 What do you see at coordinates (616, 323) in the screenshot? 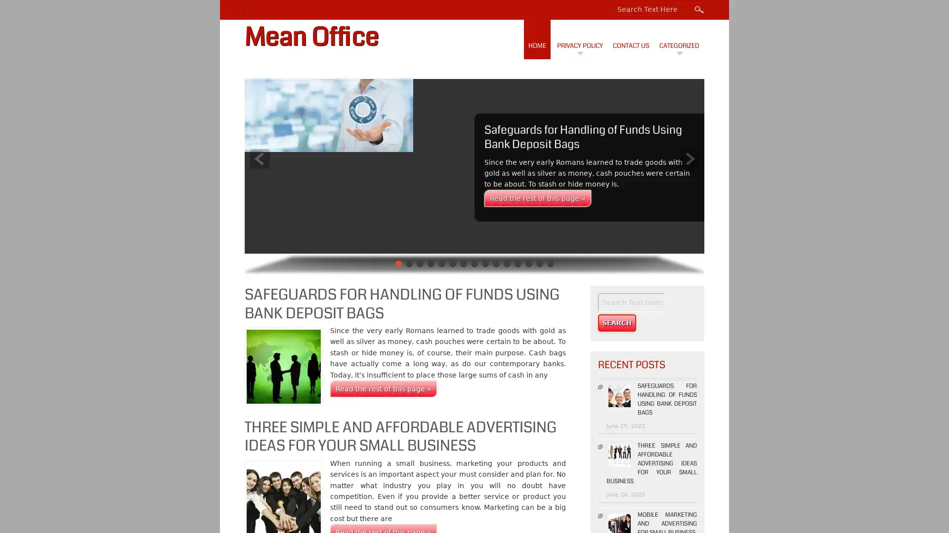
I see `Search` at bounding box center [616, 323].